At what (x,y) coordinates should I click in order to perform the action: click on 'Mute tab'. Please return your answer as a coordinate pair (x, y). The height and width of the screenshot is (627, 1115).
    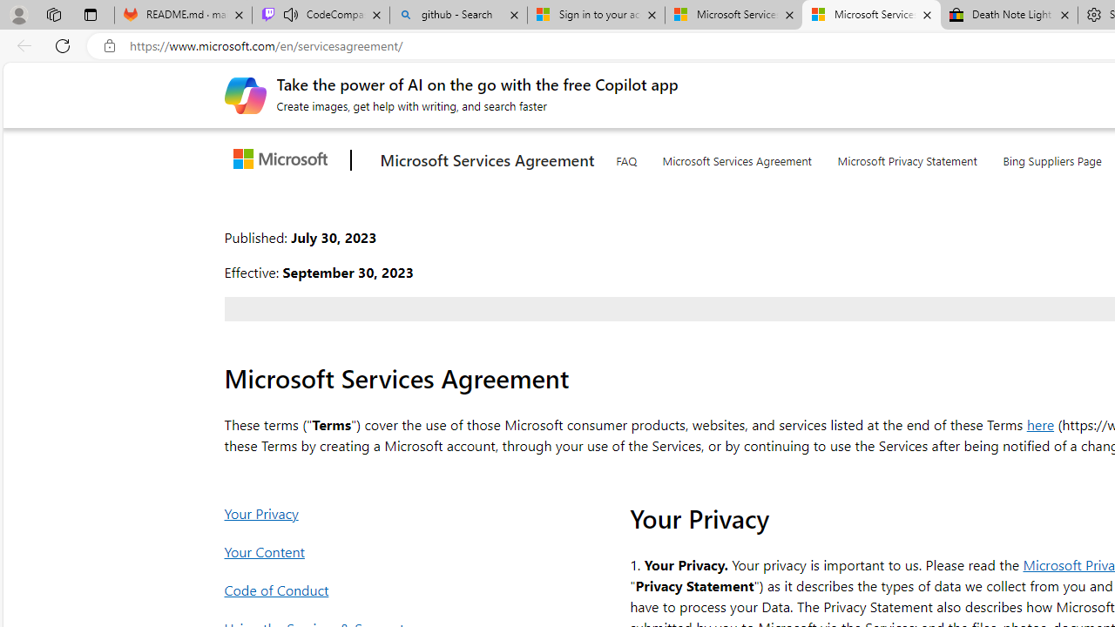
    Looking at the image, I should click on (291, 14).